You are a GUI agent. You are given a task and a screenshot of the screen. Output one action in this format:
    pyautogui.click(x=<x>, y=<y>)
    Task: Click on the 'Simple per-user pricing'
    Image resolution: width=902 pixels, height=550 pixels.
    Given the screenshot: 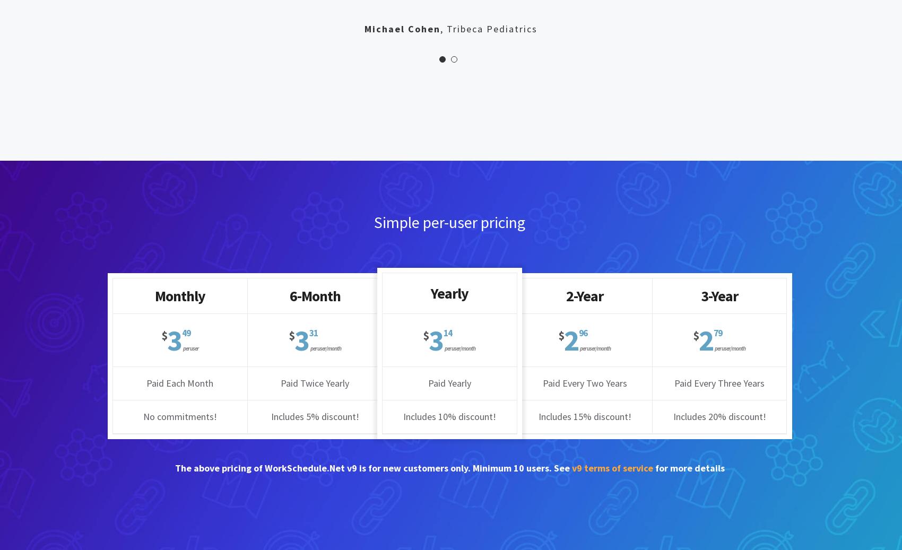 What is the action you would take?
    pyautogui.click(x=448, y=221)
    